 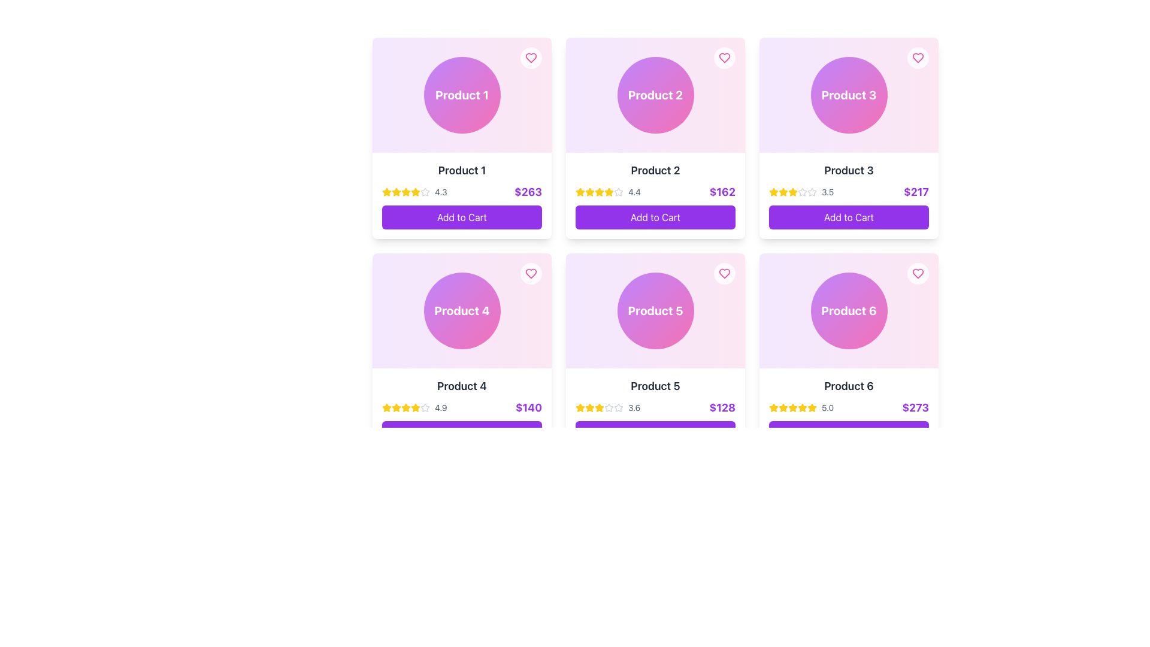 I want to click on the third yellow filled star icon in the rating system located beneath the 'Product 4' card to interact with the rating system, so click(x=416, y=407).